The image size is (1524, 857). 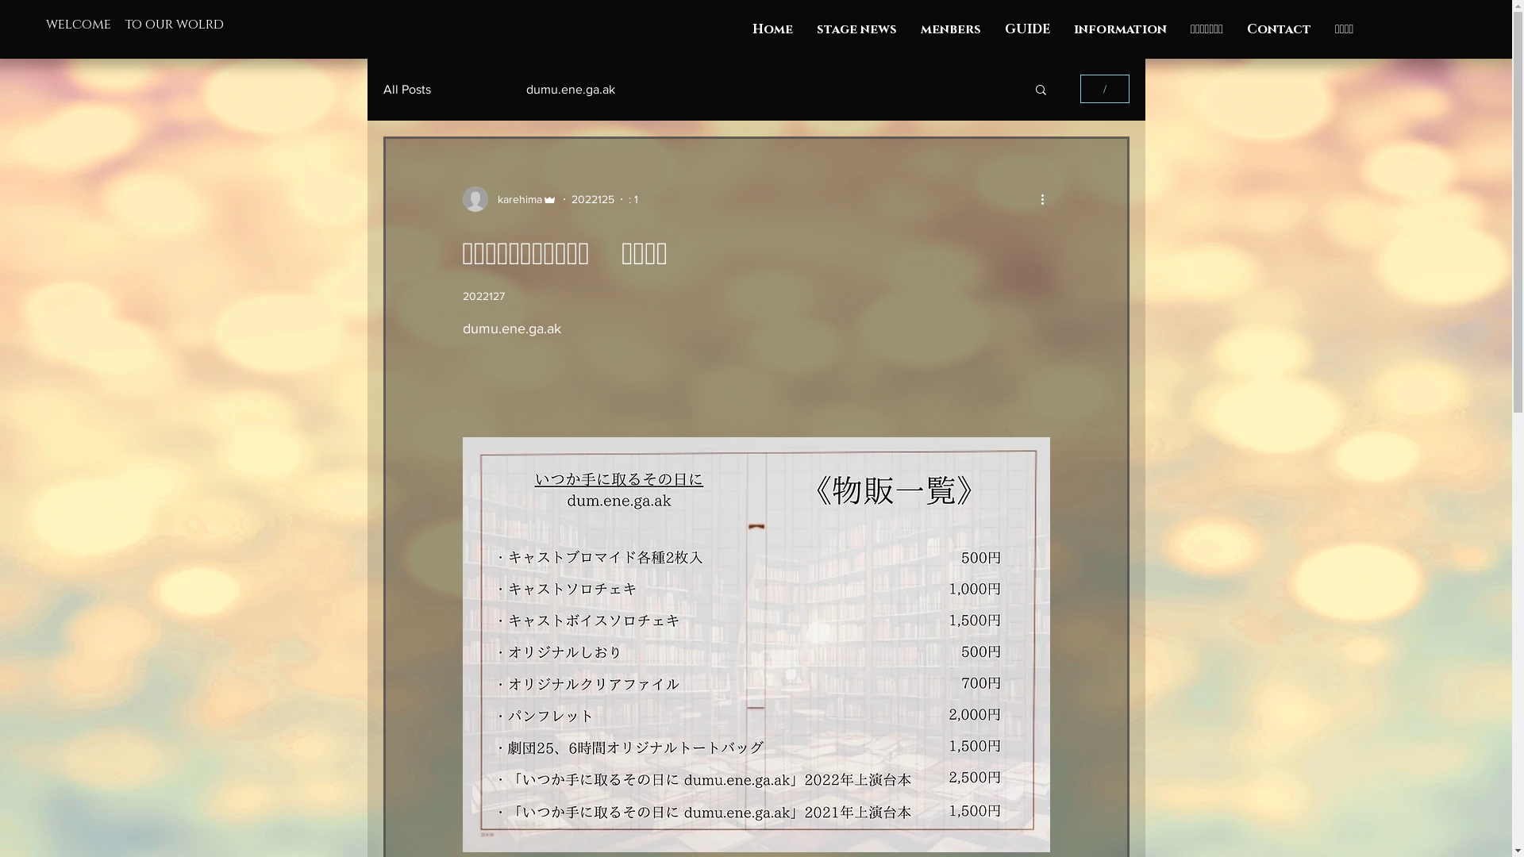 What do you see at coordinates (1027, 29) in the screenshot?
I see `'GUIDE'` at bounding box center [1027, 29].